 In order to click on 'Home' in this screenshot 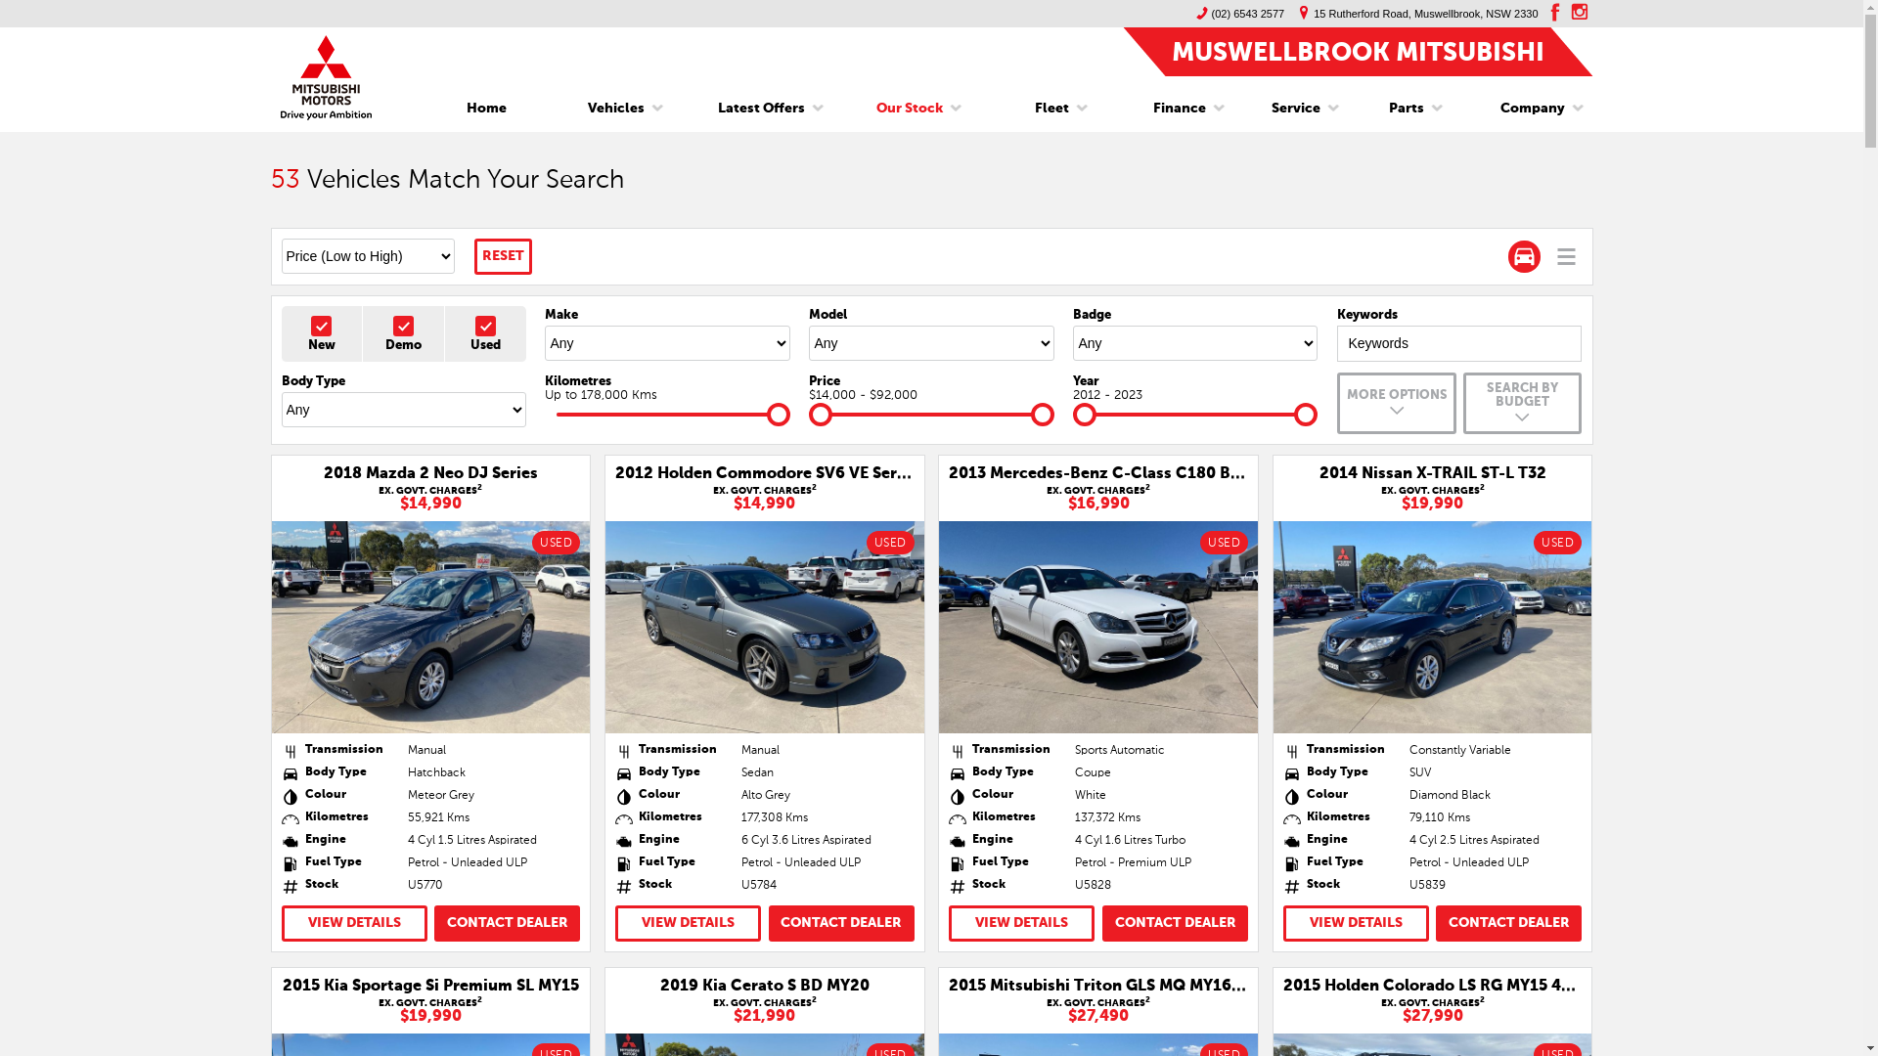, I will do `click(486, 109)`.